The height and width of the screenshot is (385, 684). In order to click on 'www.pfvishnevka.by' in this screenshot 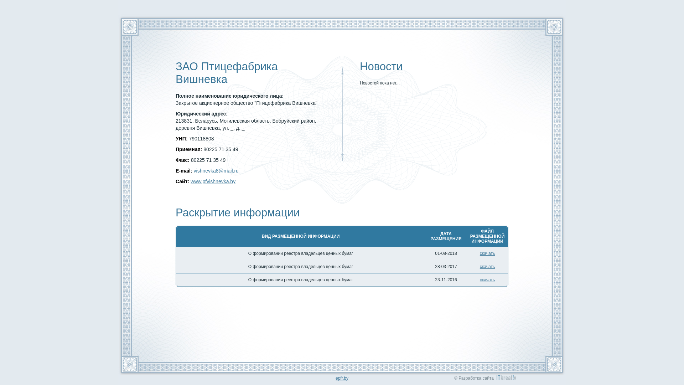, I will do `click(190, 181)`.